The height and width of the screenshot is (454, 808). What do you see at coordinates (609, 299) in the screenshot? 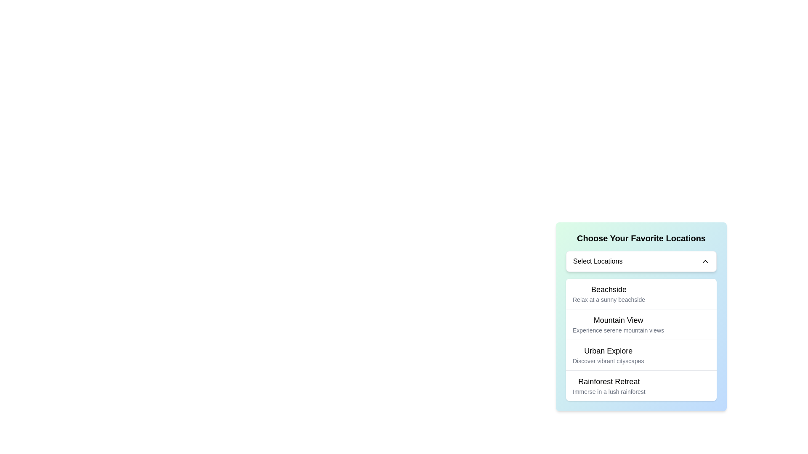
I see `the text label providing additional details about the 'Beachside' option, located below the 'Beachside' text label in the location options list` at bounding box center [609, 299].